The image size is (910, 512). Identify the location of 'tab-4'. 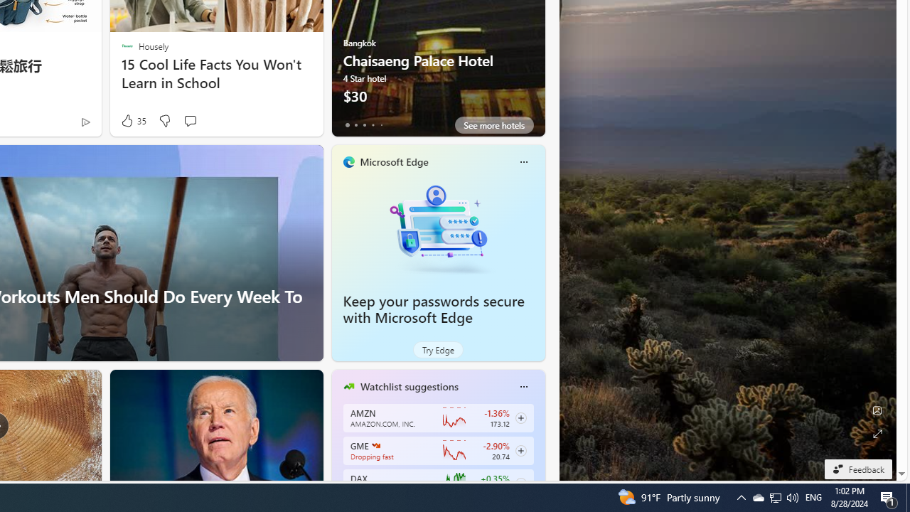
(381, 124).